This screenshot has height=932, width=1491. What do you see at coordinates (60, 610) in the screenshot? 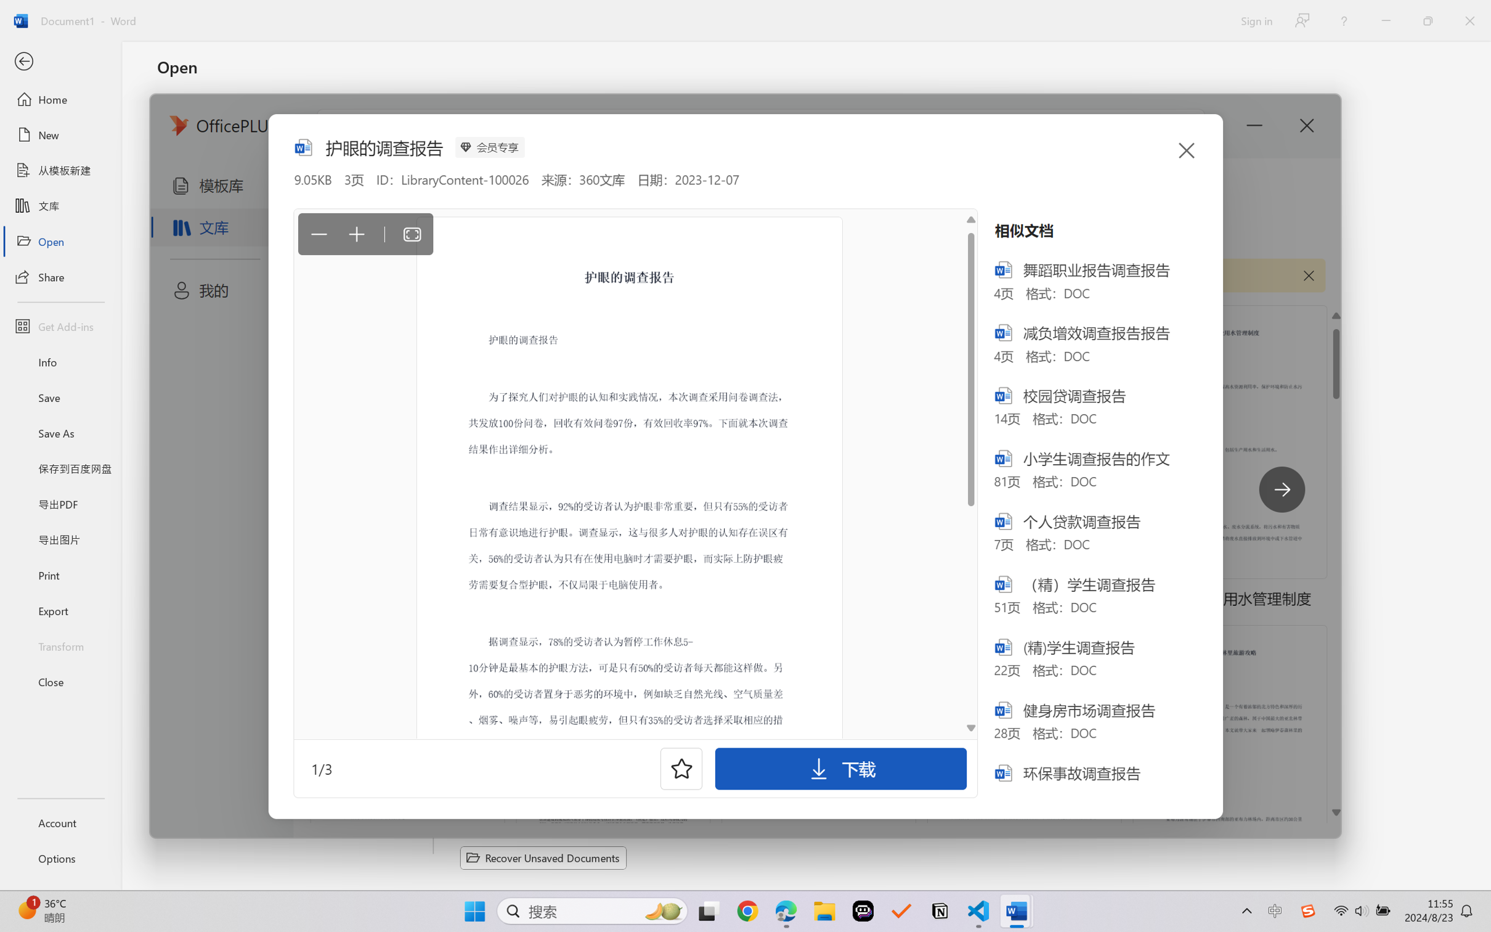
I see `'Export'` at bounding box center [60, 610].